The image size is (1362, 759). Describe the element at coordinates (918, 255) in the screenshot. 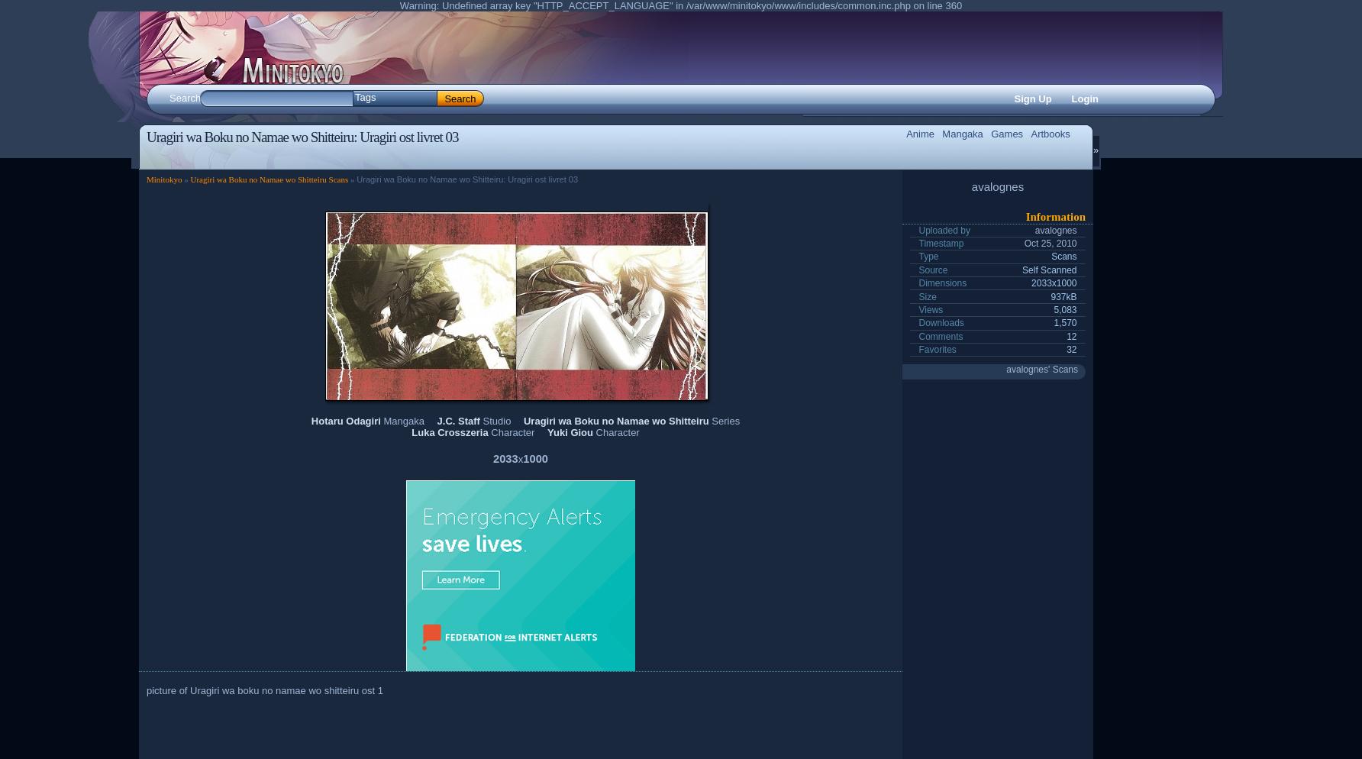

I see `'Type'` at that location.